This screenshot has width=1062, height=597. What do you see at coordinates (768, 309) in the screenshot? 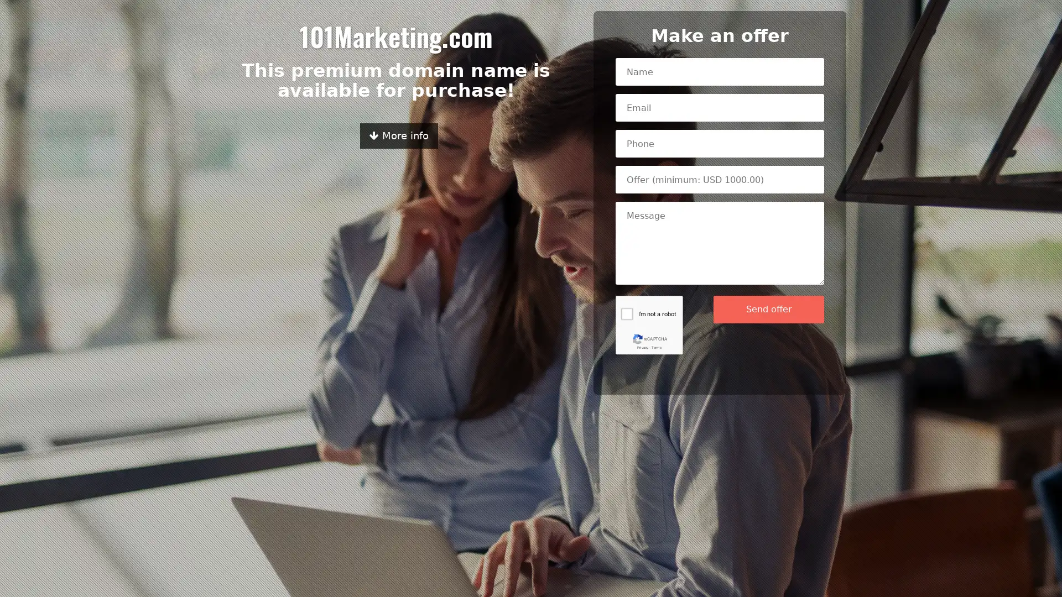
I see `Send offer` at bounding box center [768, 309].